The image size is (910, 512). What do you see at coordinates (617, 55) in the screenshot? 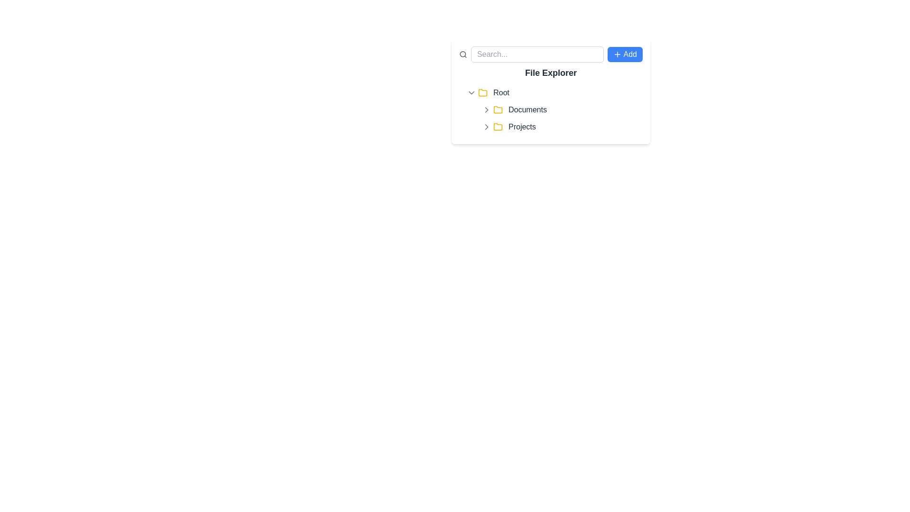
I see `the plus sign icon located inside the 'Add' button` at bounding box center [617, 55].